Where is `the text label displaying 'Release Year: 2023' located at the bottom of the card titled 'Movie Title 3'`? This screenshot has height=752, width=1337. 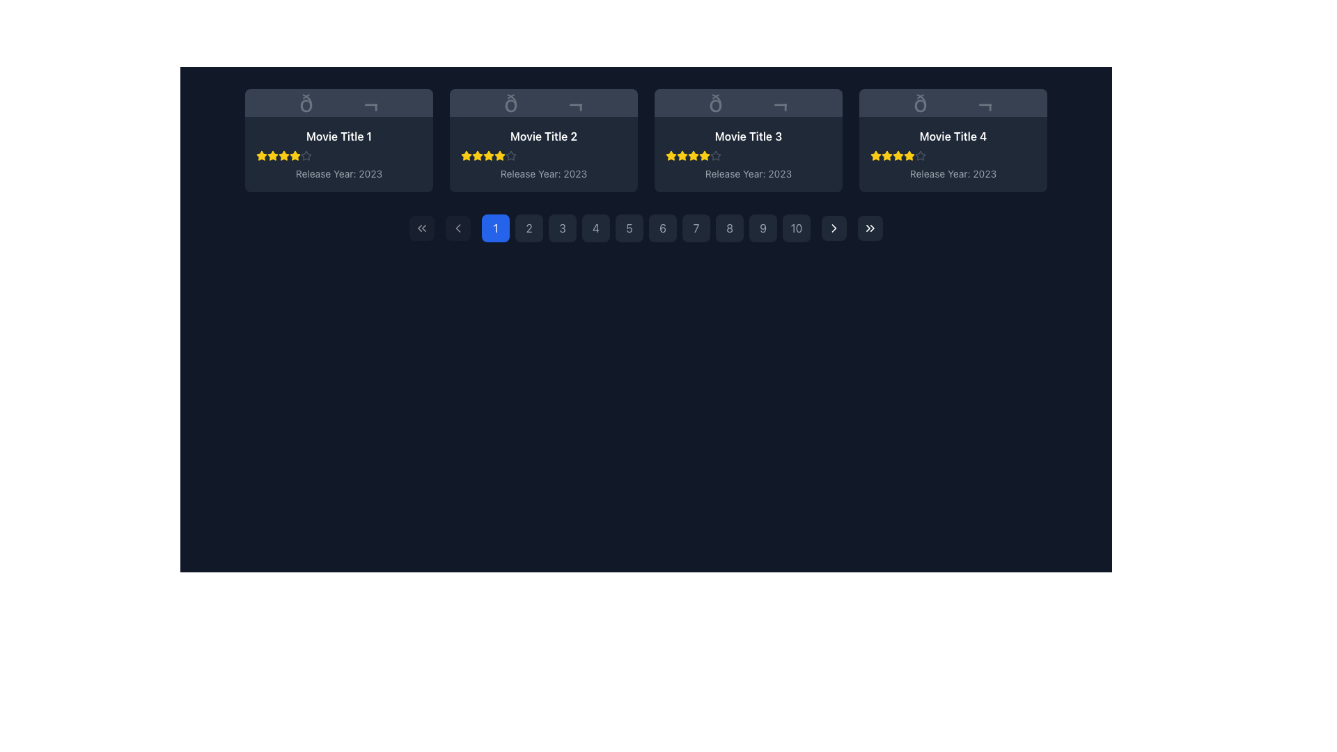 the text label displaying 'Release Year: 2023' located at the bottom of the card titled 'Movie Title 3' is located at coordinates (748, 173).